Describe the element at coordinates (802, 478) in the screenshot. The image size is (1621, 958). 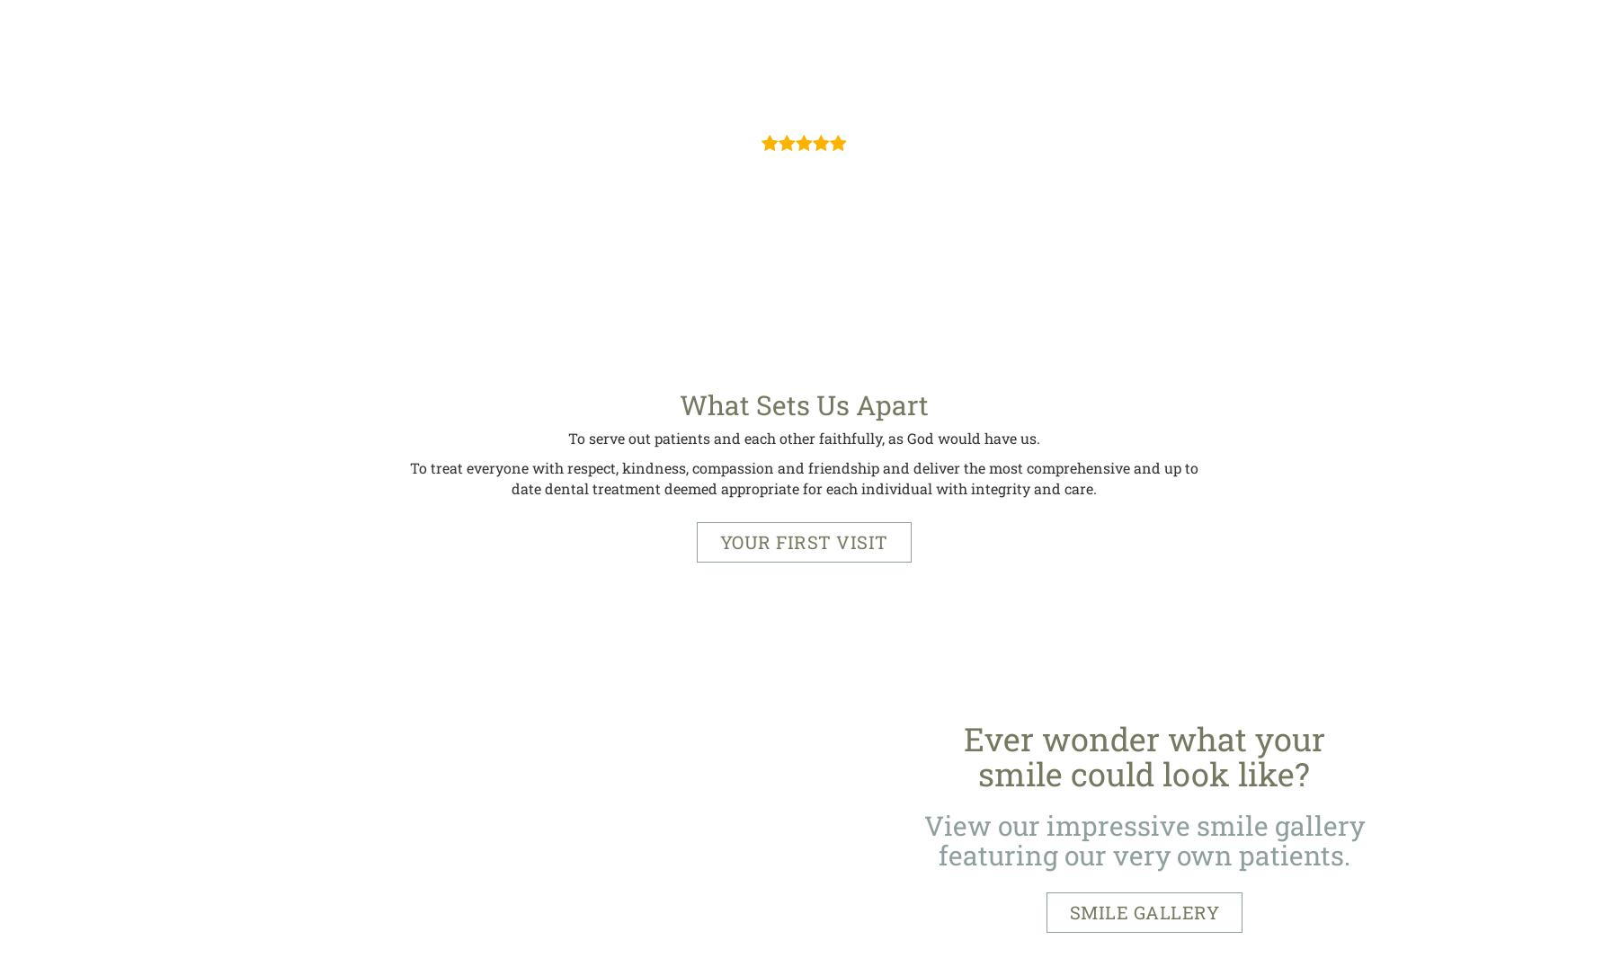
I see `'To treat everyone with respect, kindness, compassion and friendship and deliver the most comprehensive and up
            to date dental treatment deemed appropriate for each individual with integrity and care.'` at that location.